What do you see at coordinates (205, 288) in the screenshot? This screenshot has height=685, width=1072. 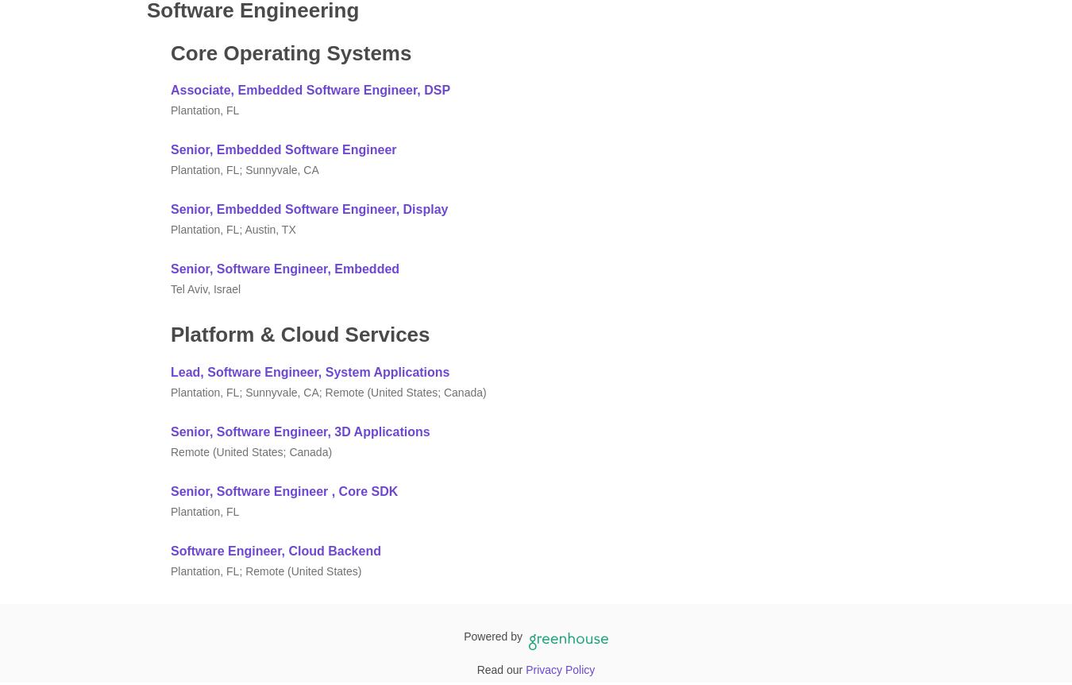 I see `'Tel Aviv, Israel'` at bounding box center [205, 288].